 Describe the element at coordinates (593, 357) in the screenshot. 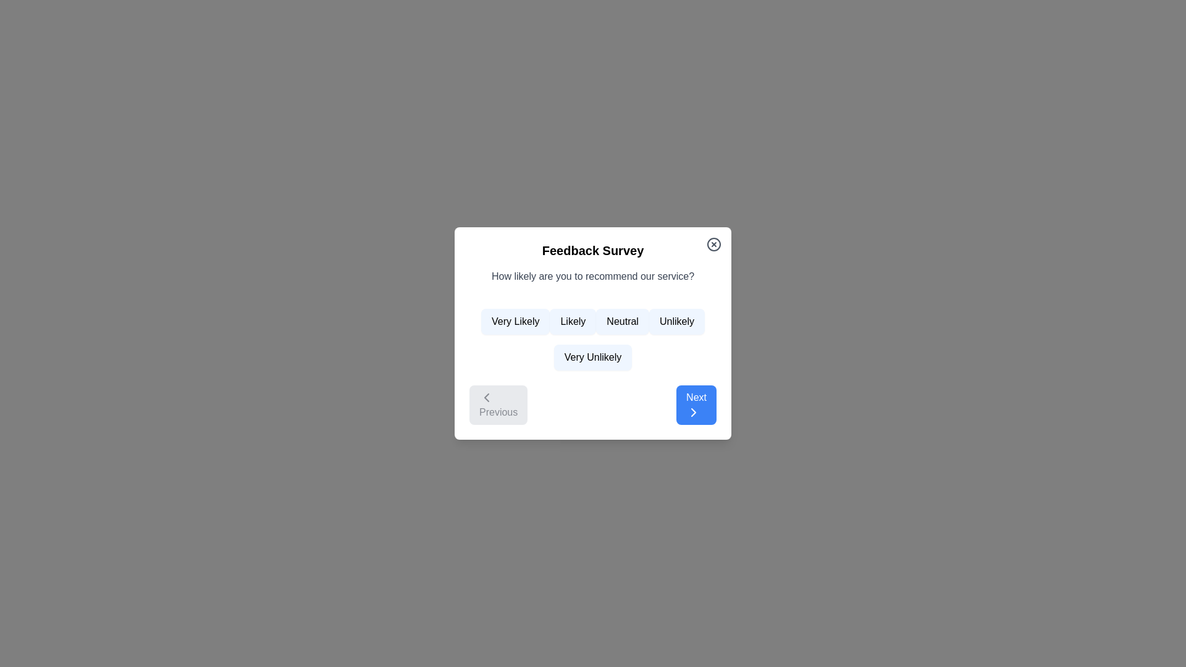

I see `the button labeled 'Very Unlikely'` at that location.